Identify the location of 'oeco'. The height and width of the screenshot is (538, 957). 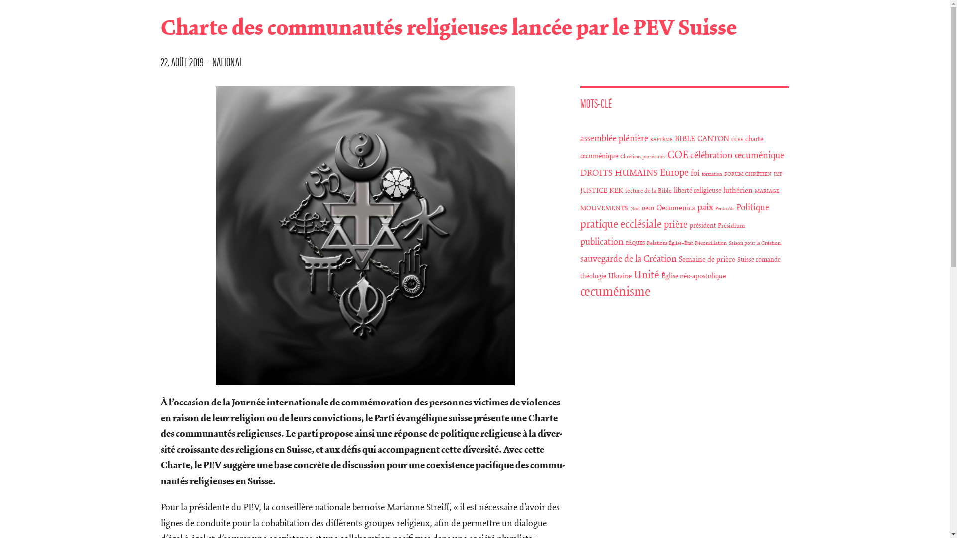
(648, 208).